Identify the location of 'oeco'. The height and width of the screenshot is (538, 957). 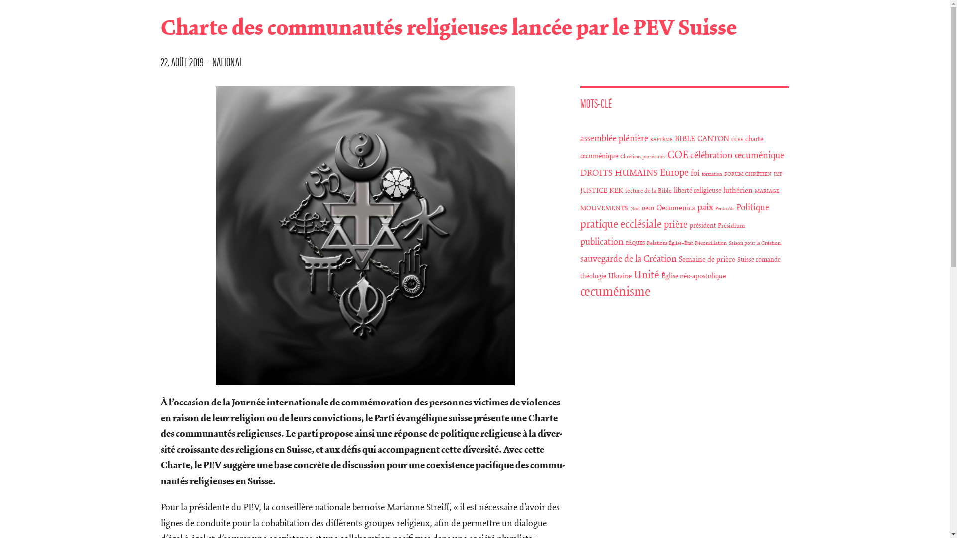
(648, 208).